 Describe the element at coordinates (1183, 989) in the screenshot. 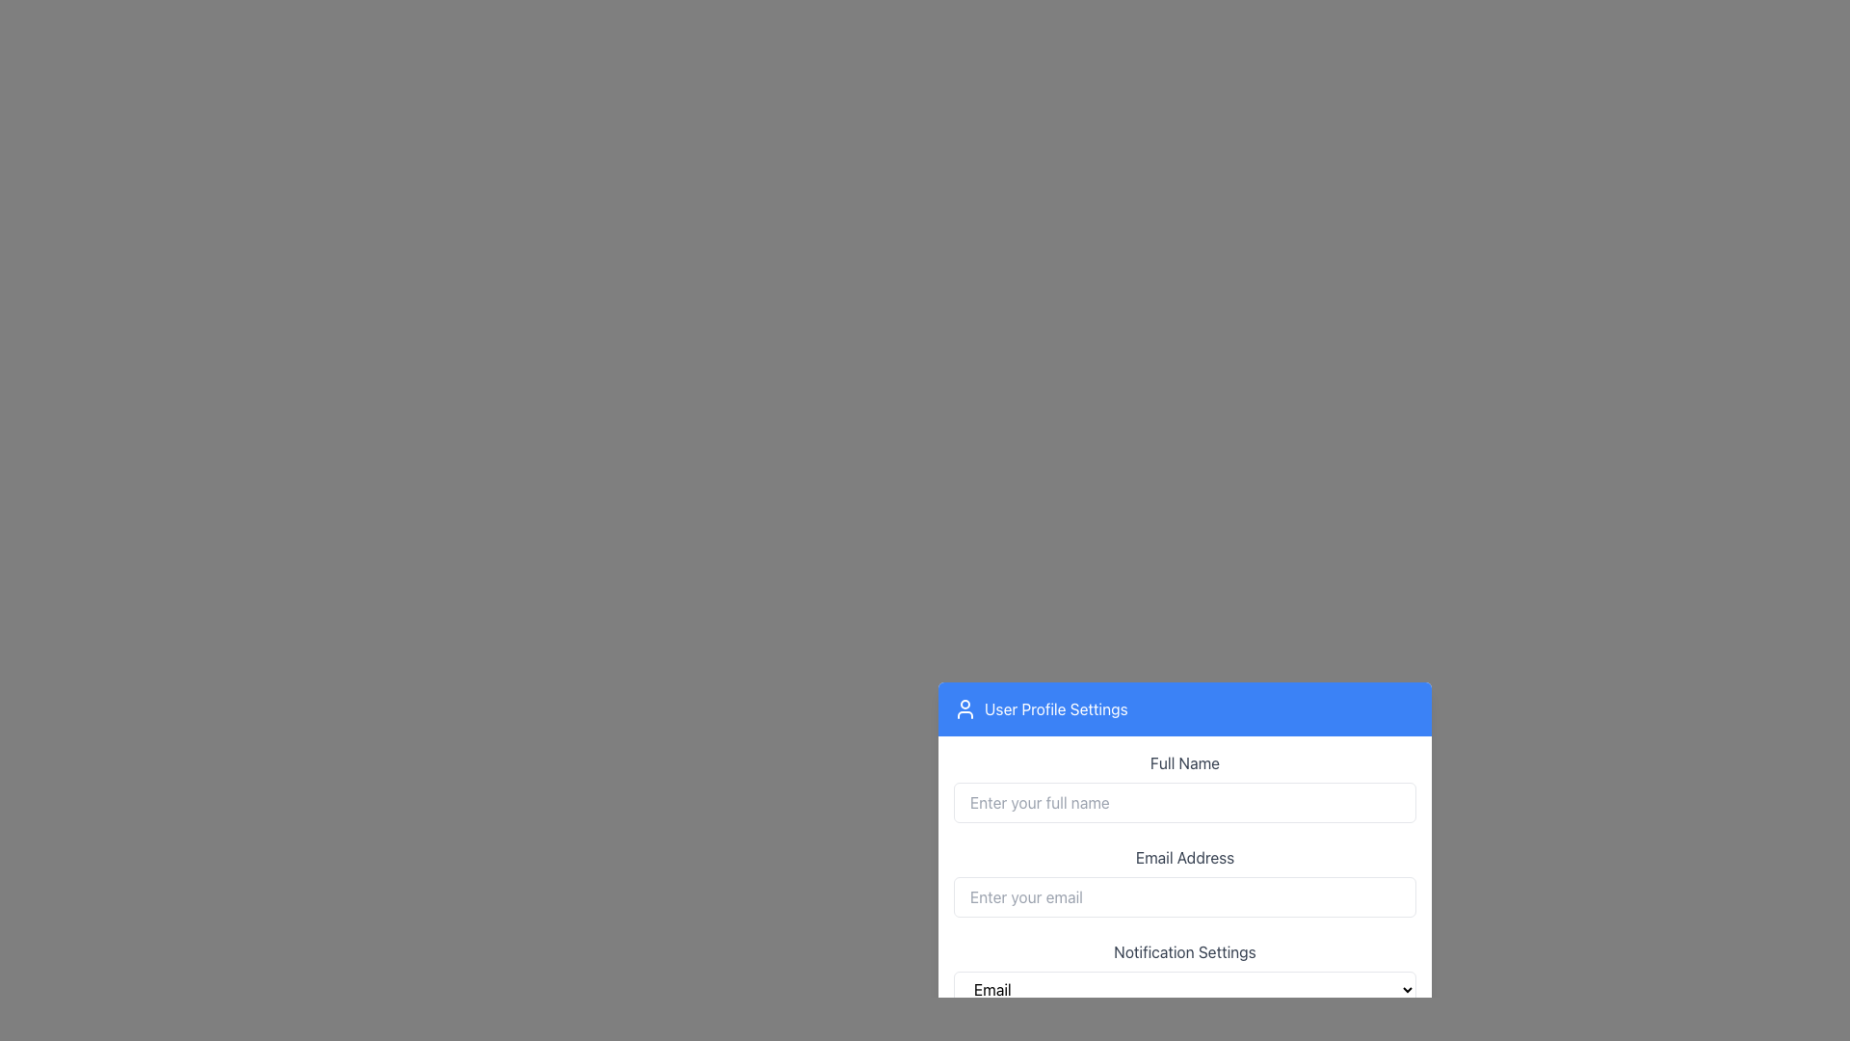

I see `the dropdown menu labeled 'Email' which is located beneath the 'Notification Settings' label` at that location.